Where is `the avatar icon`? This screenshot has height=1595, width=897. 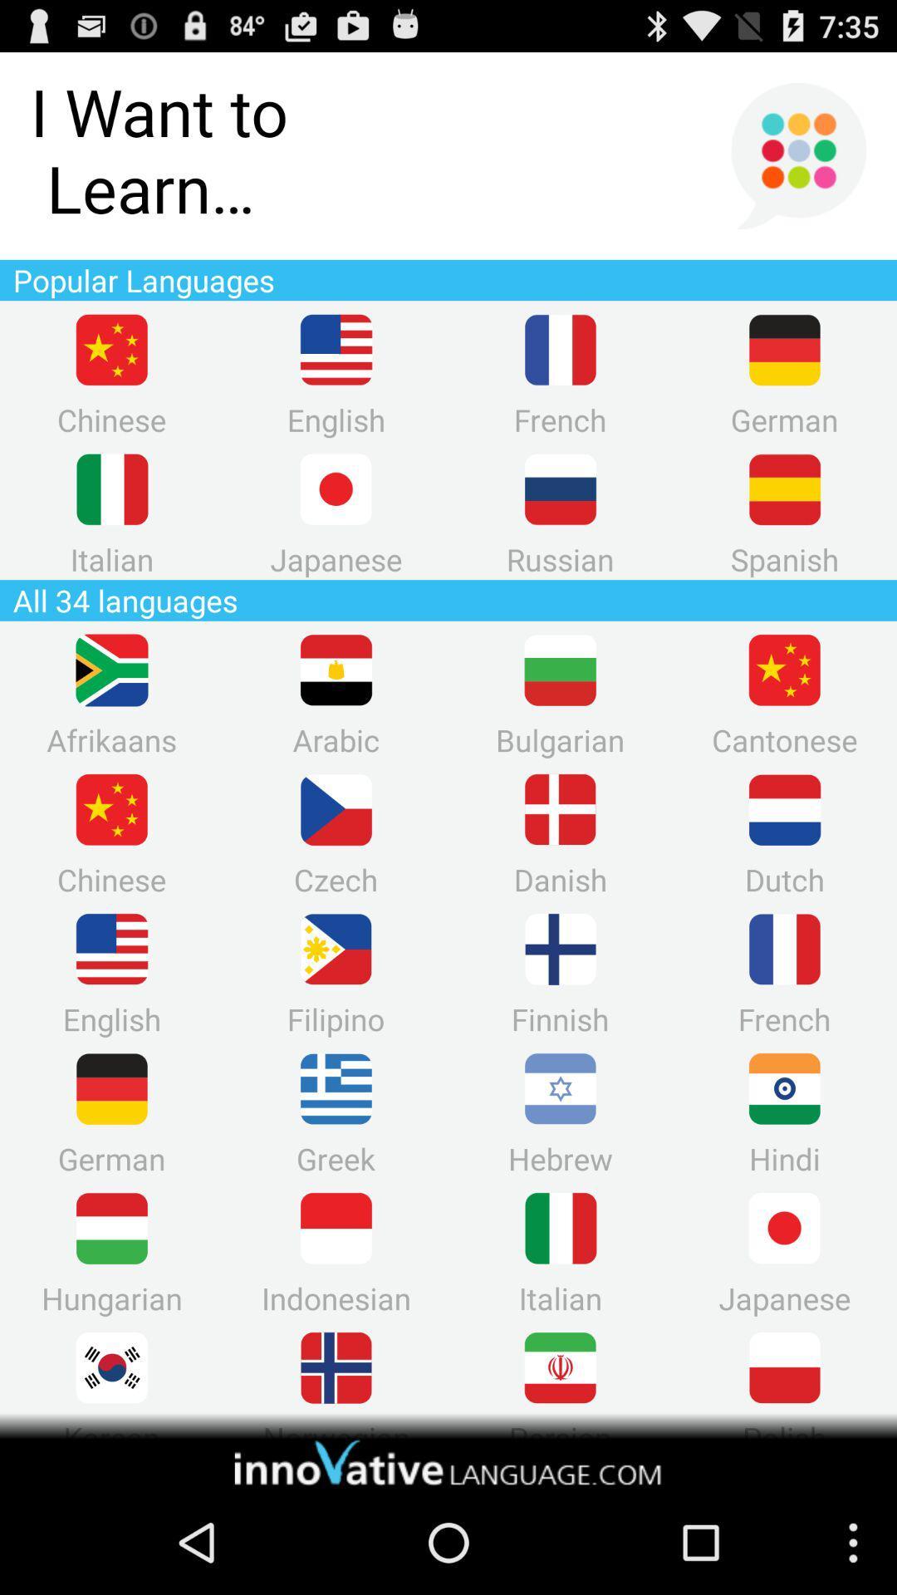 the avatar icon is located at coordinates (785, 1165).